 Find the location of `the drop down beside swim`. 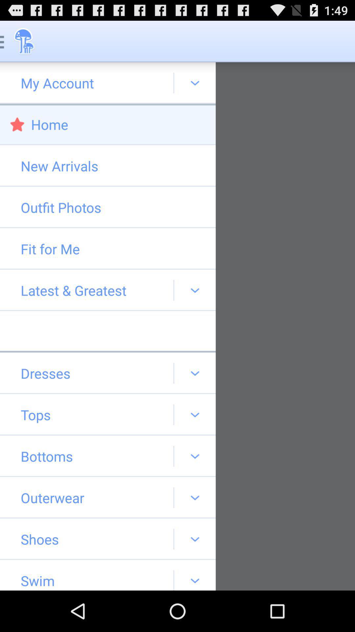

the drop down beside swim is located at coordinates (195, 575).